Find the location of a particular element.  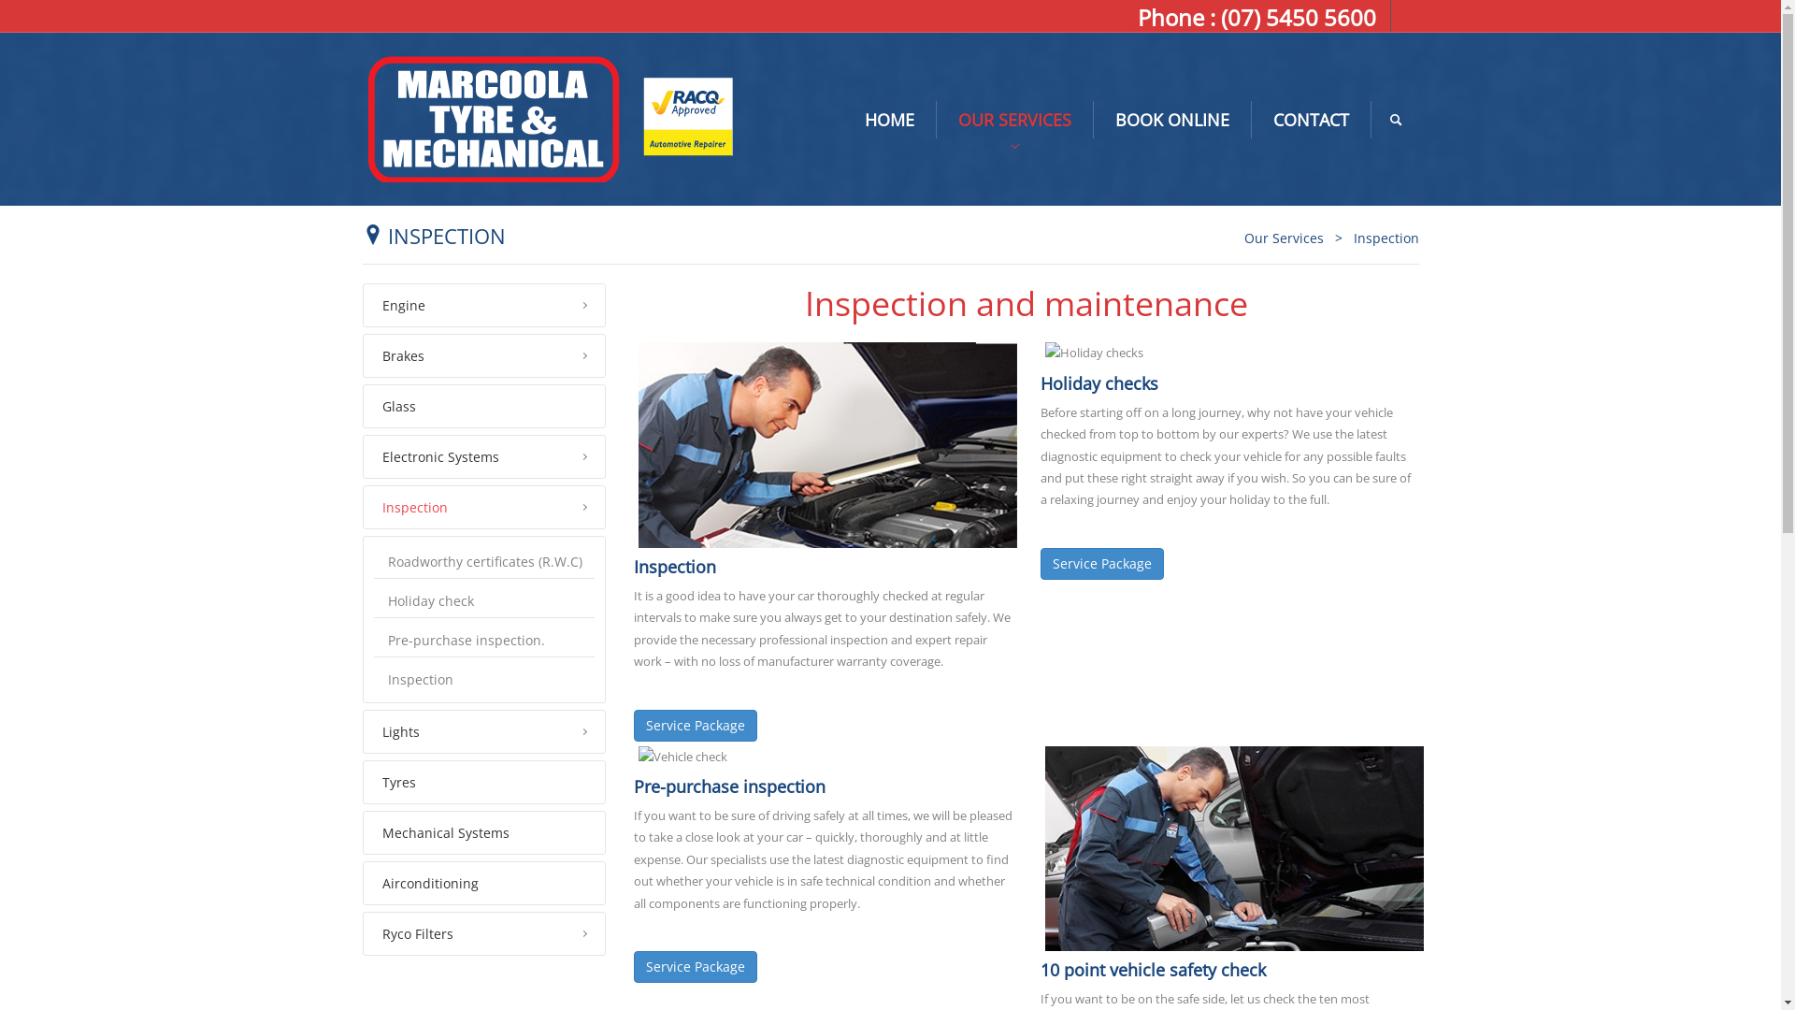

'BOOK ONLINE' is located at coordinates (1171, 119).